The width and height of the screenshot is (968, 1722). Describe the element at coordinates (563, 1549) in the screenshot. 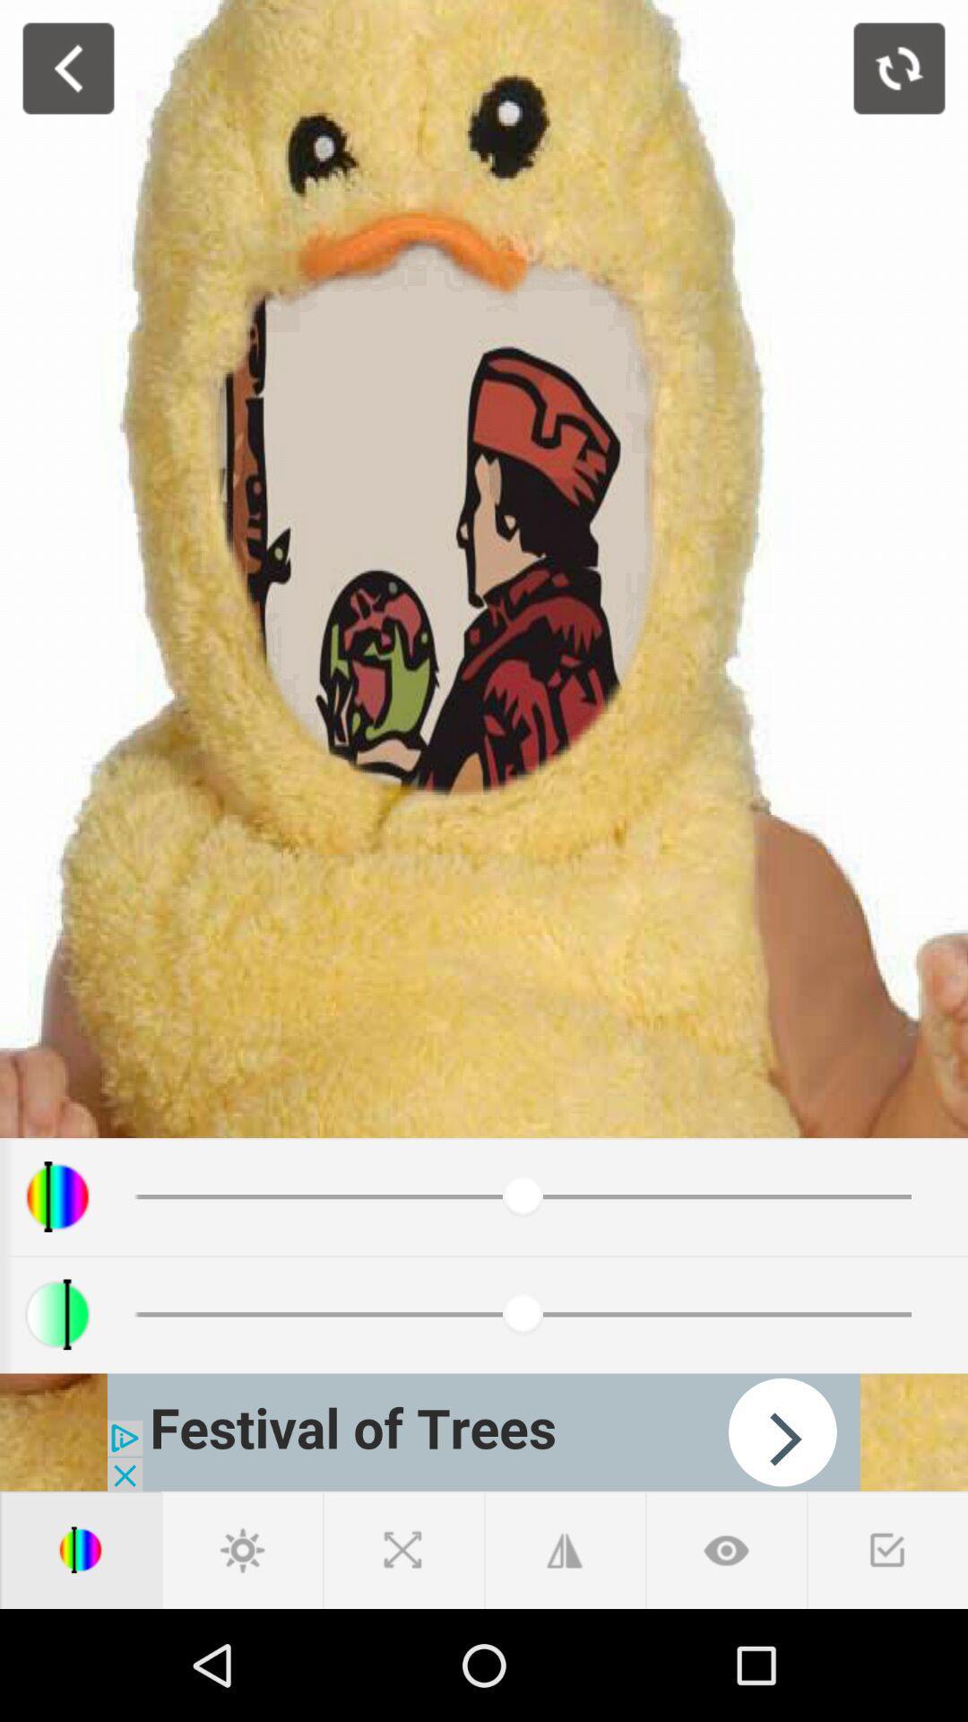

I see `make image larger` at that location.